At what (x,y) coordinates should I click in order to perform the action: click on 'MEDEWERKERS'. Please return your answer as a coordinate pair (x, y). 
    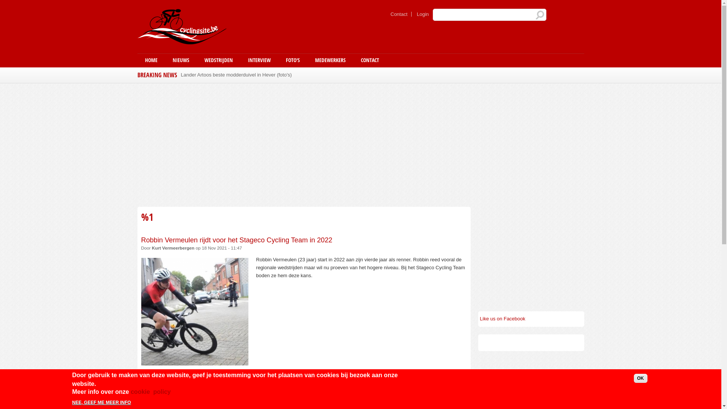
    Looking at the image, I should click on (330, 60).